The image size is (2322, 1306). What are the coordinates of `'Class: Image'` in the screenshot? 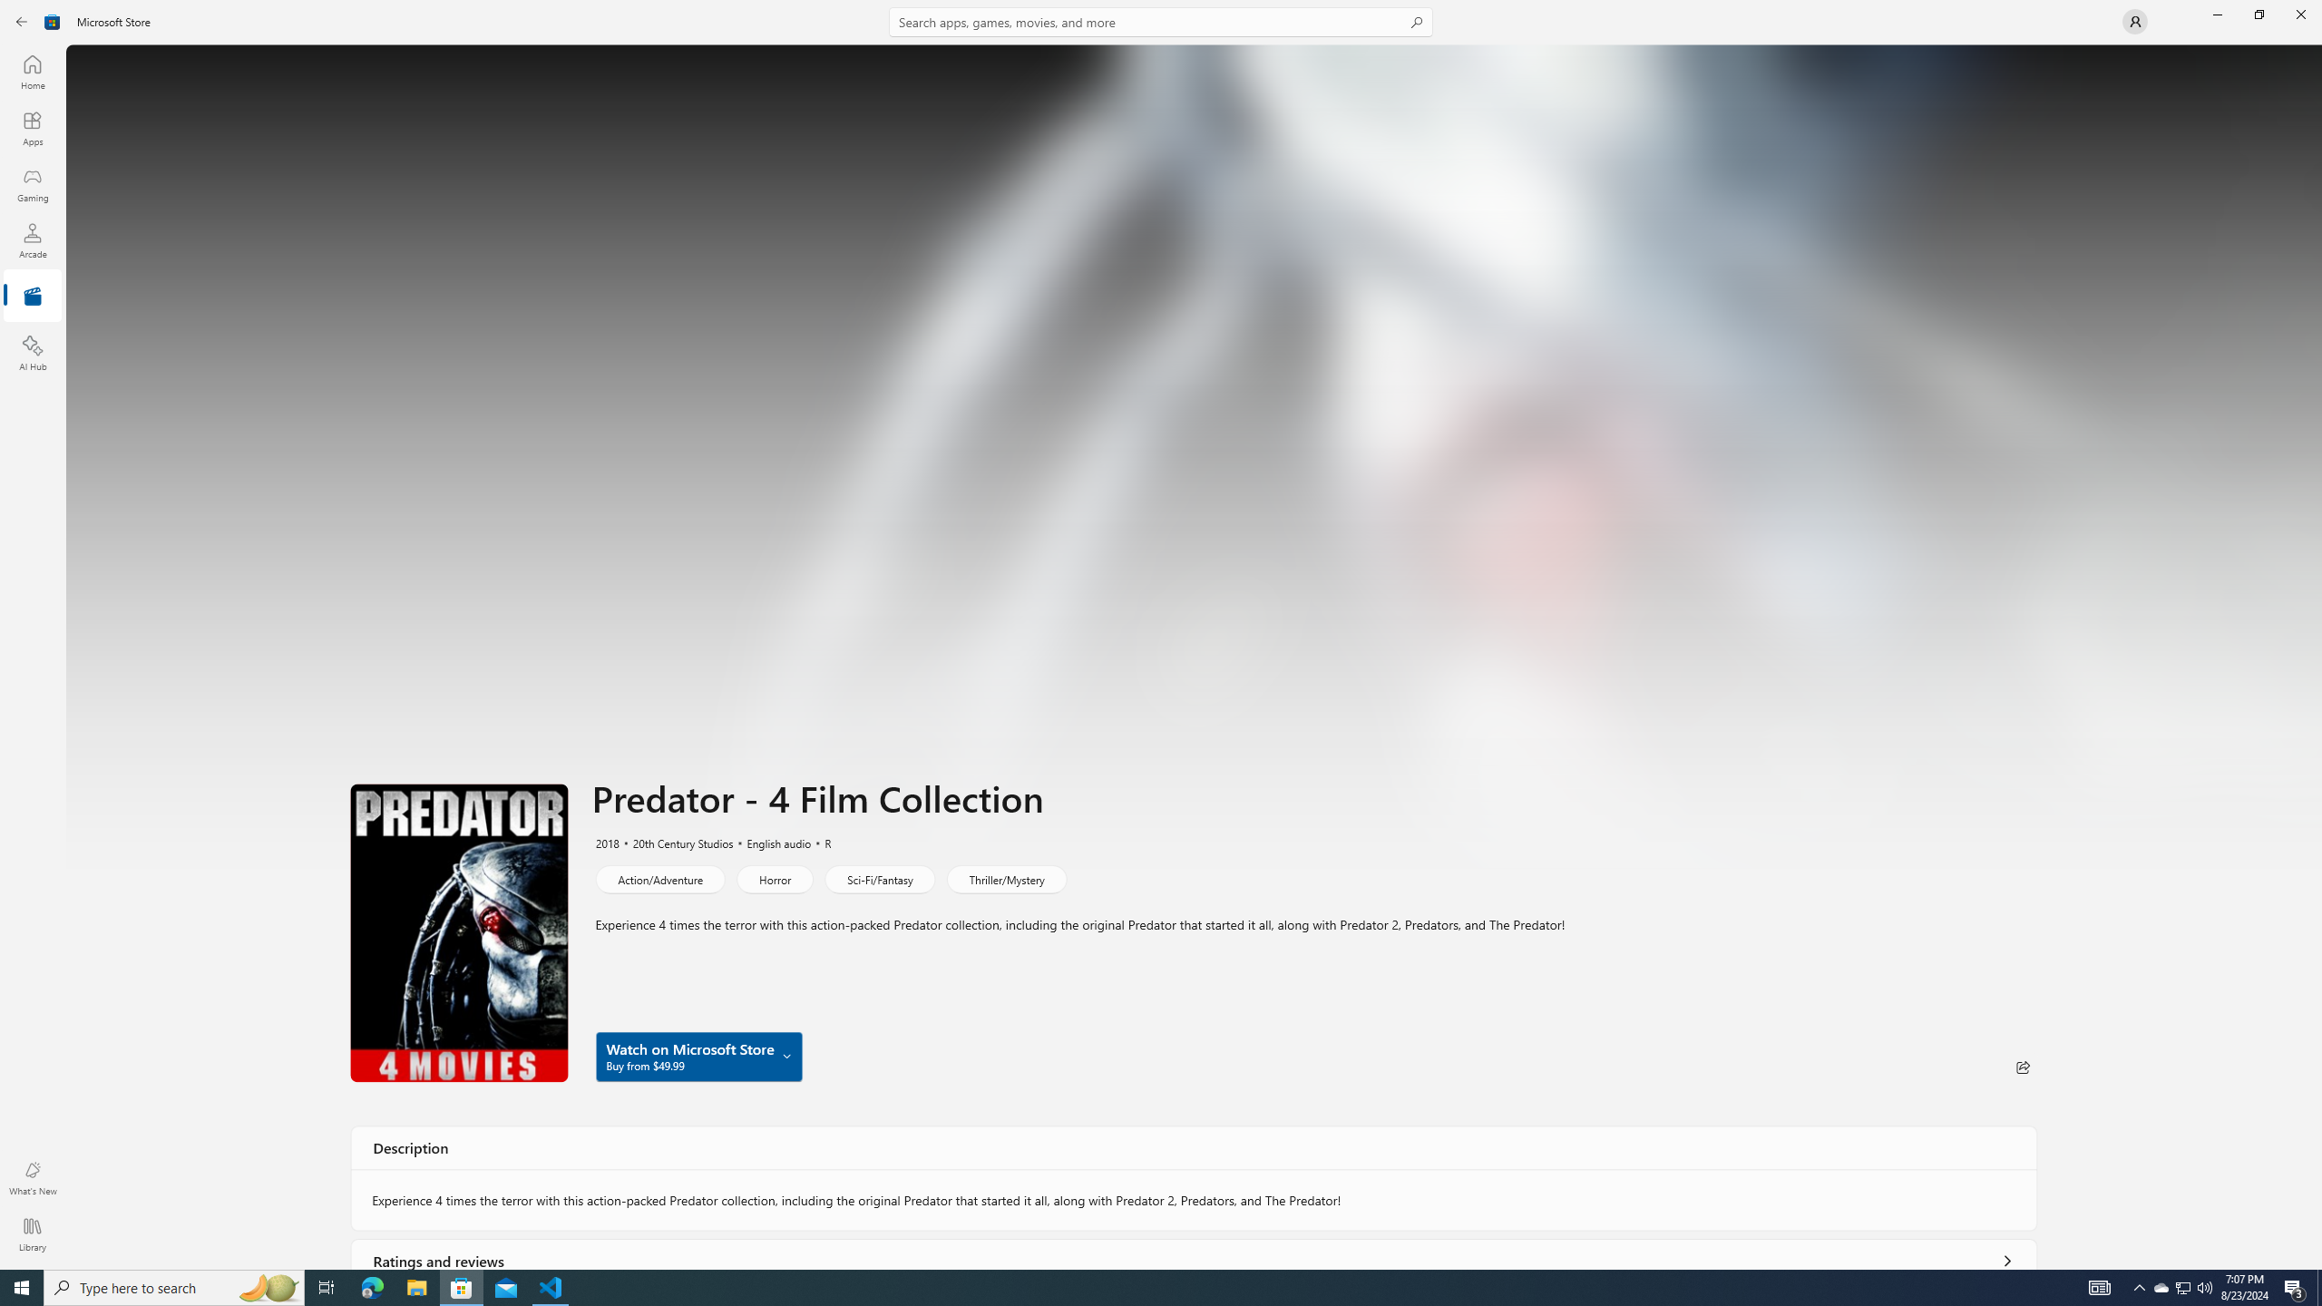 It's located at (52, 20).